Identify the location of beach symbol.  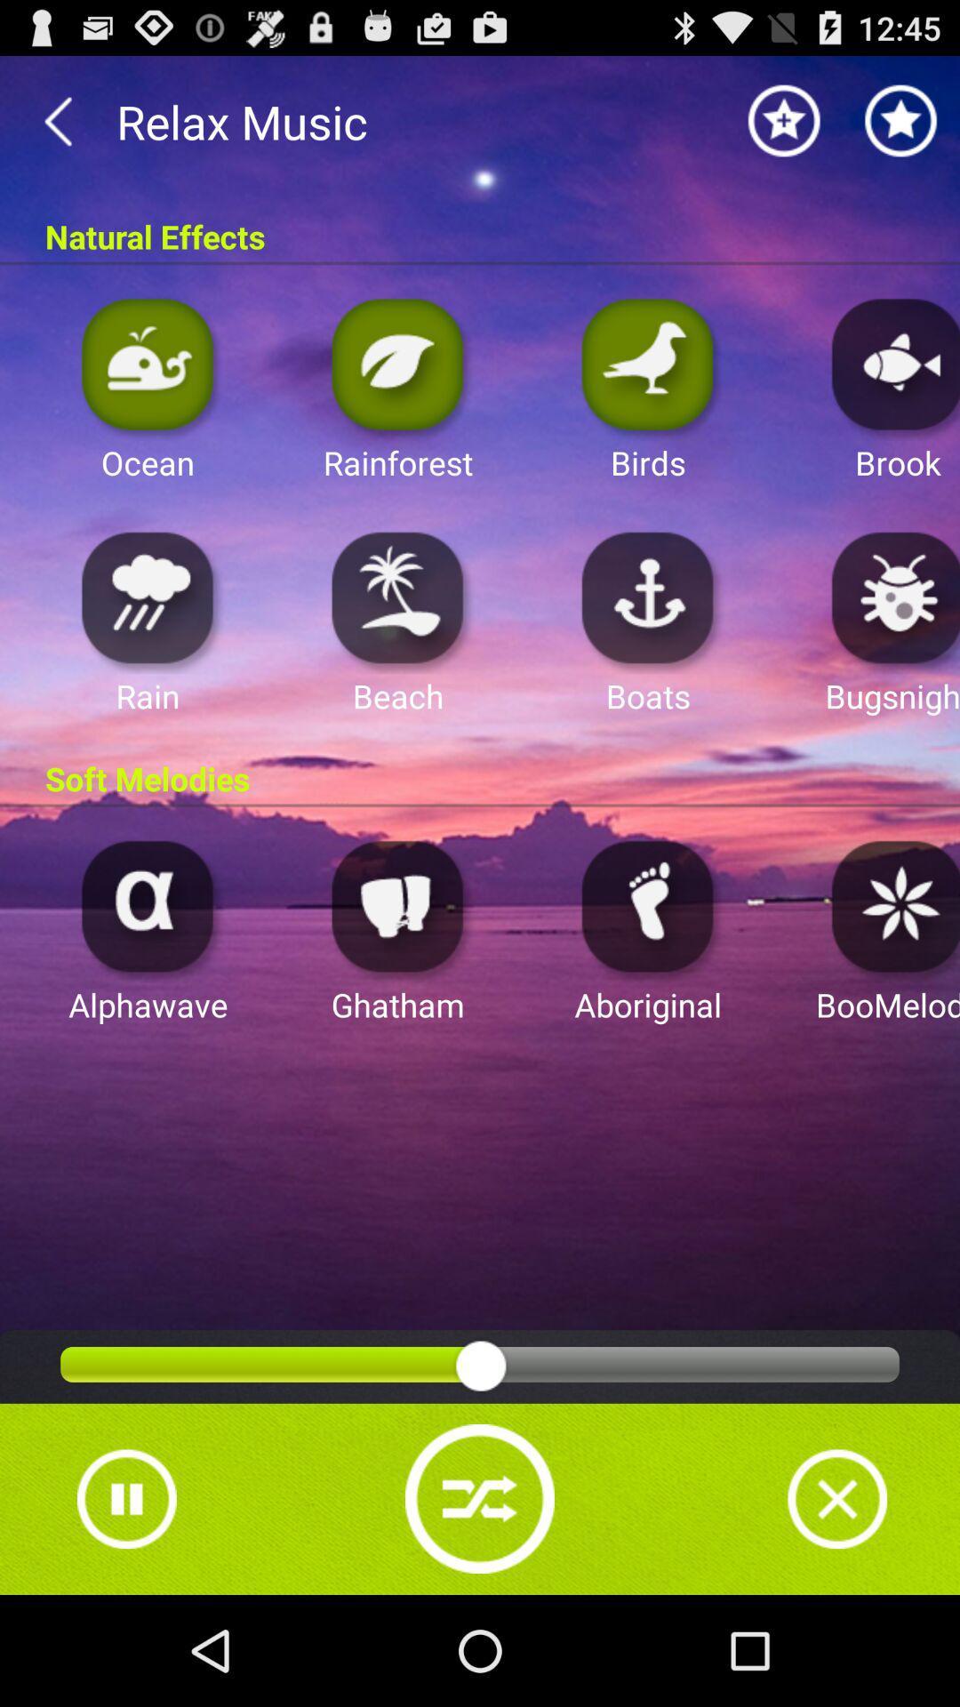
(397, 597).